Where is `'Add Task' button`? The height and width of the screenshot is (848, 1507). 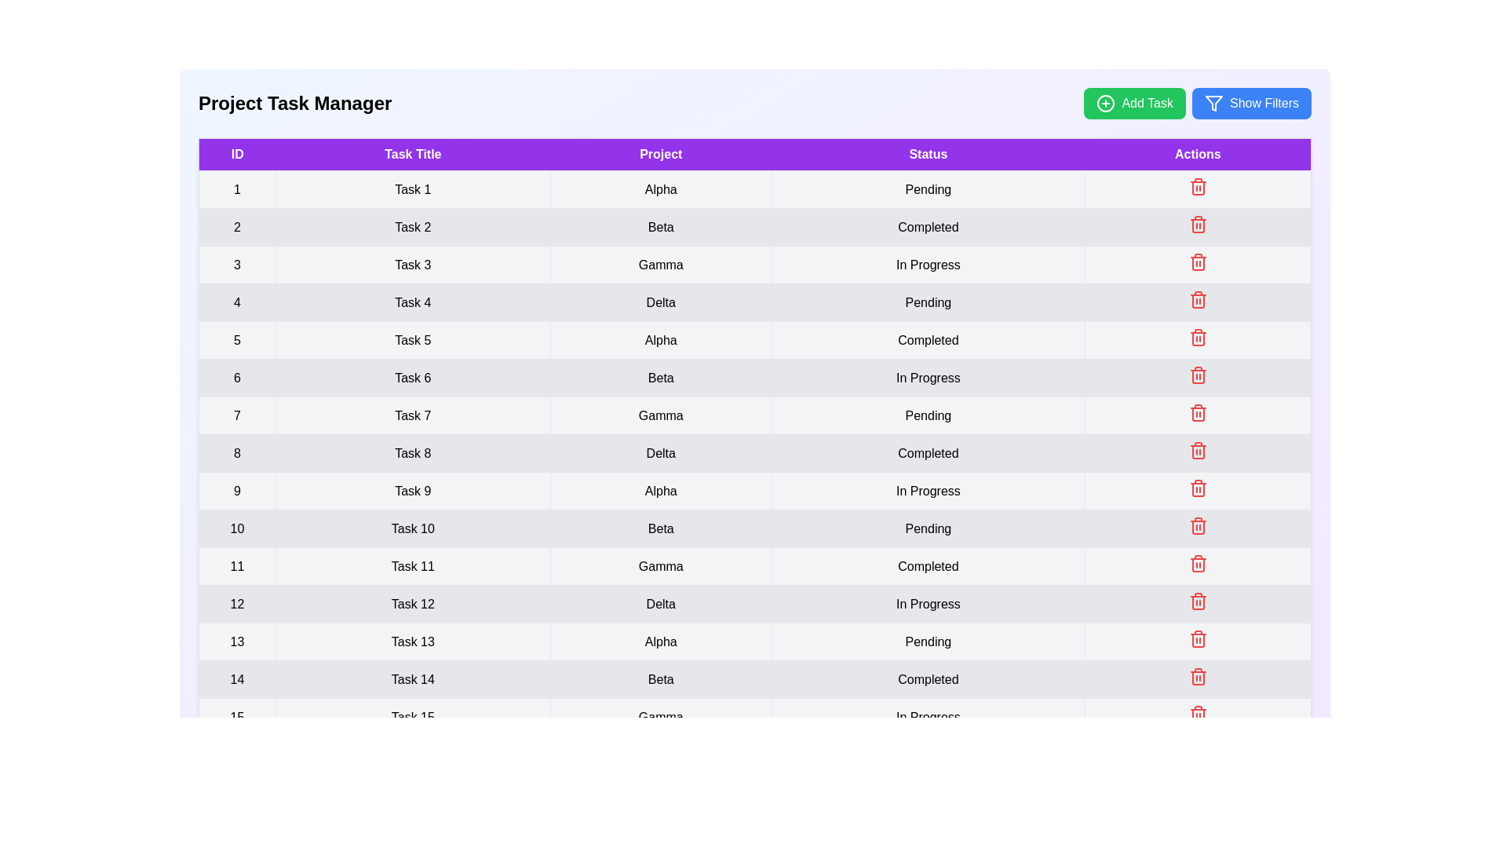
'Add Task' button is located at coordinates (1134, 103).